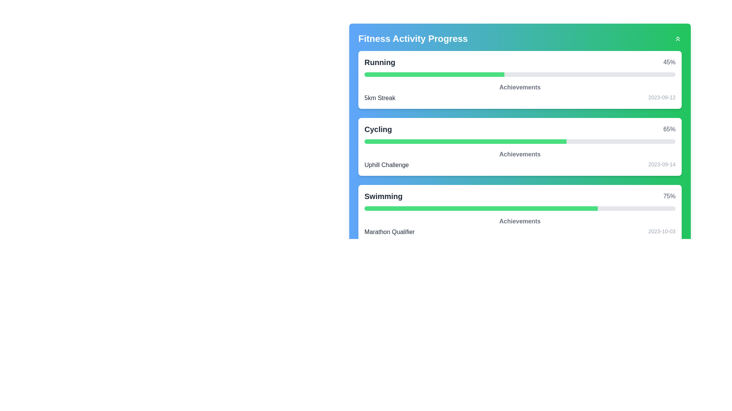  I want to click on the bold text label reading 'Swimming' located in the lower portion of the interface within the 'Fitness Activity Progress' section, so click(384, 196).